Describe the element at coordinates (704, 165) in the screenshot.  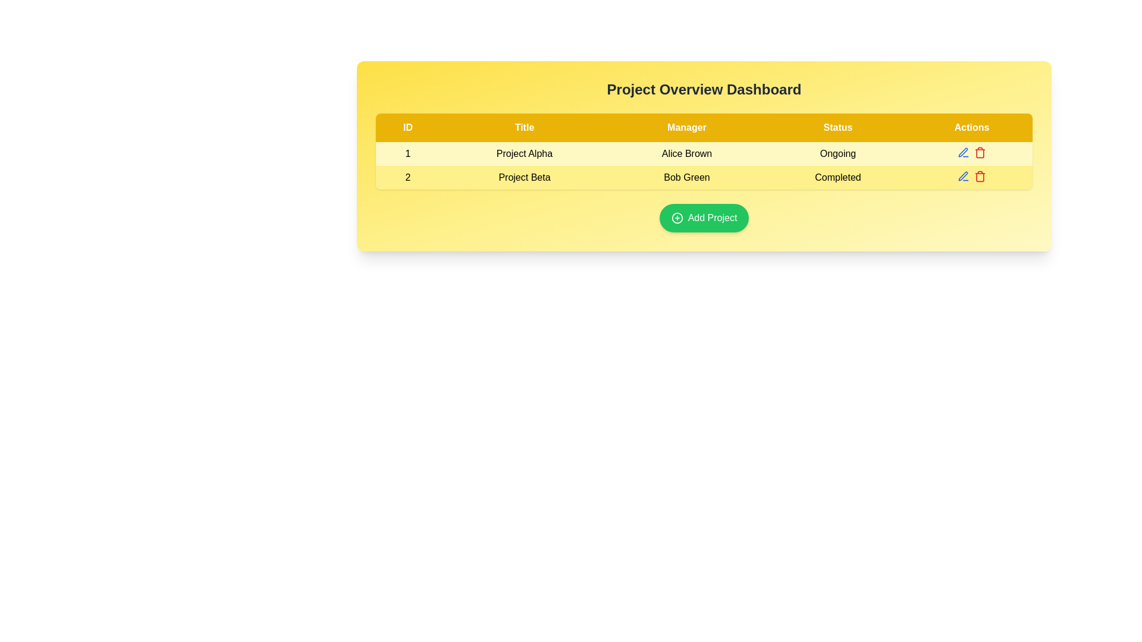
I see `the second row in the project management table that displays details about 'Project Beta' managed by 'Bob Green' with a status of 'Completed'` at that location.